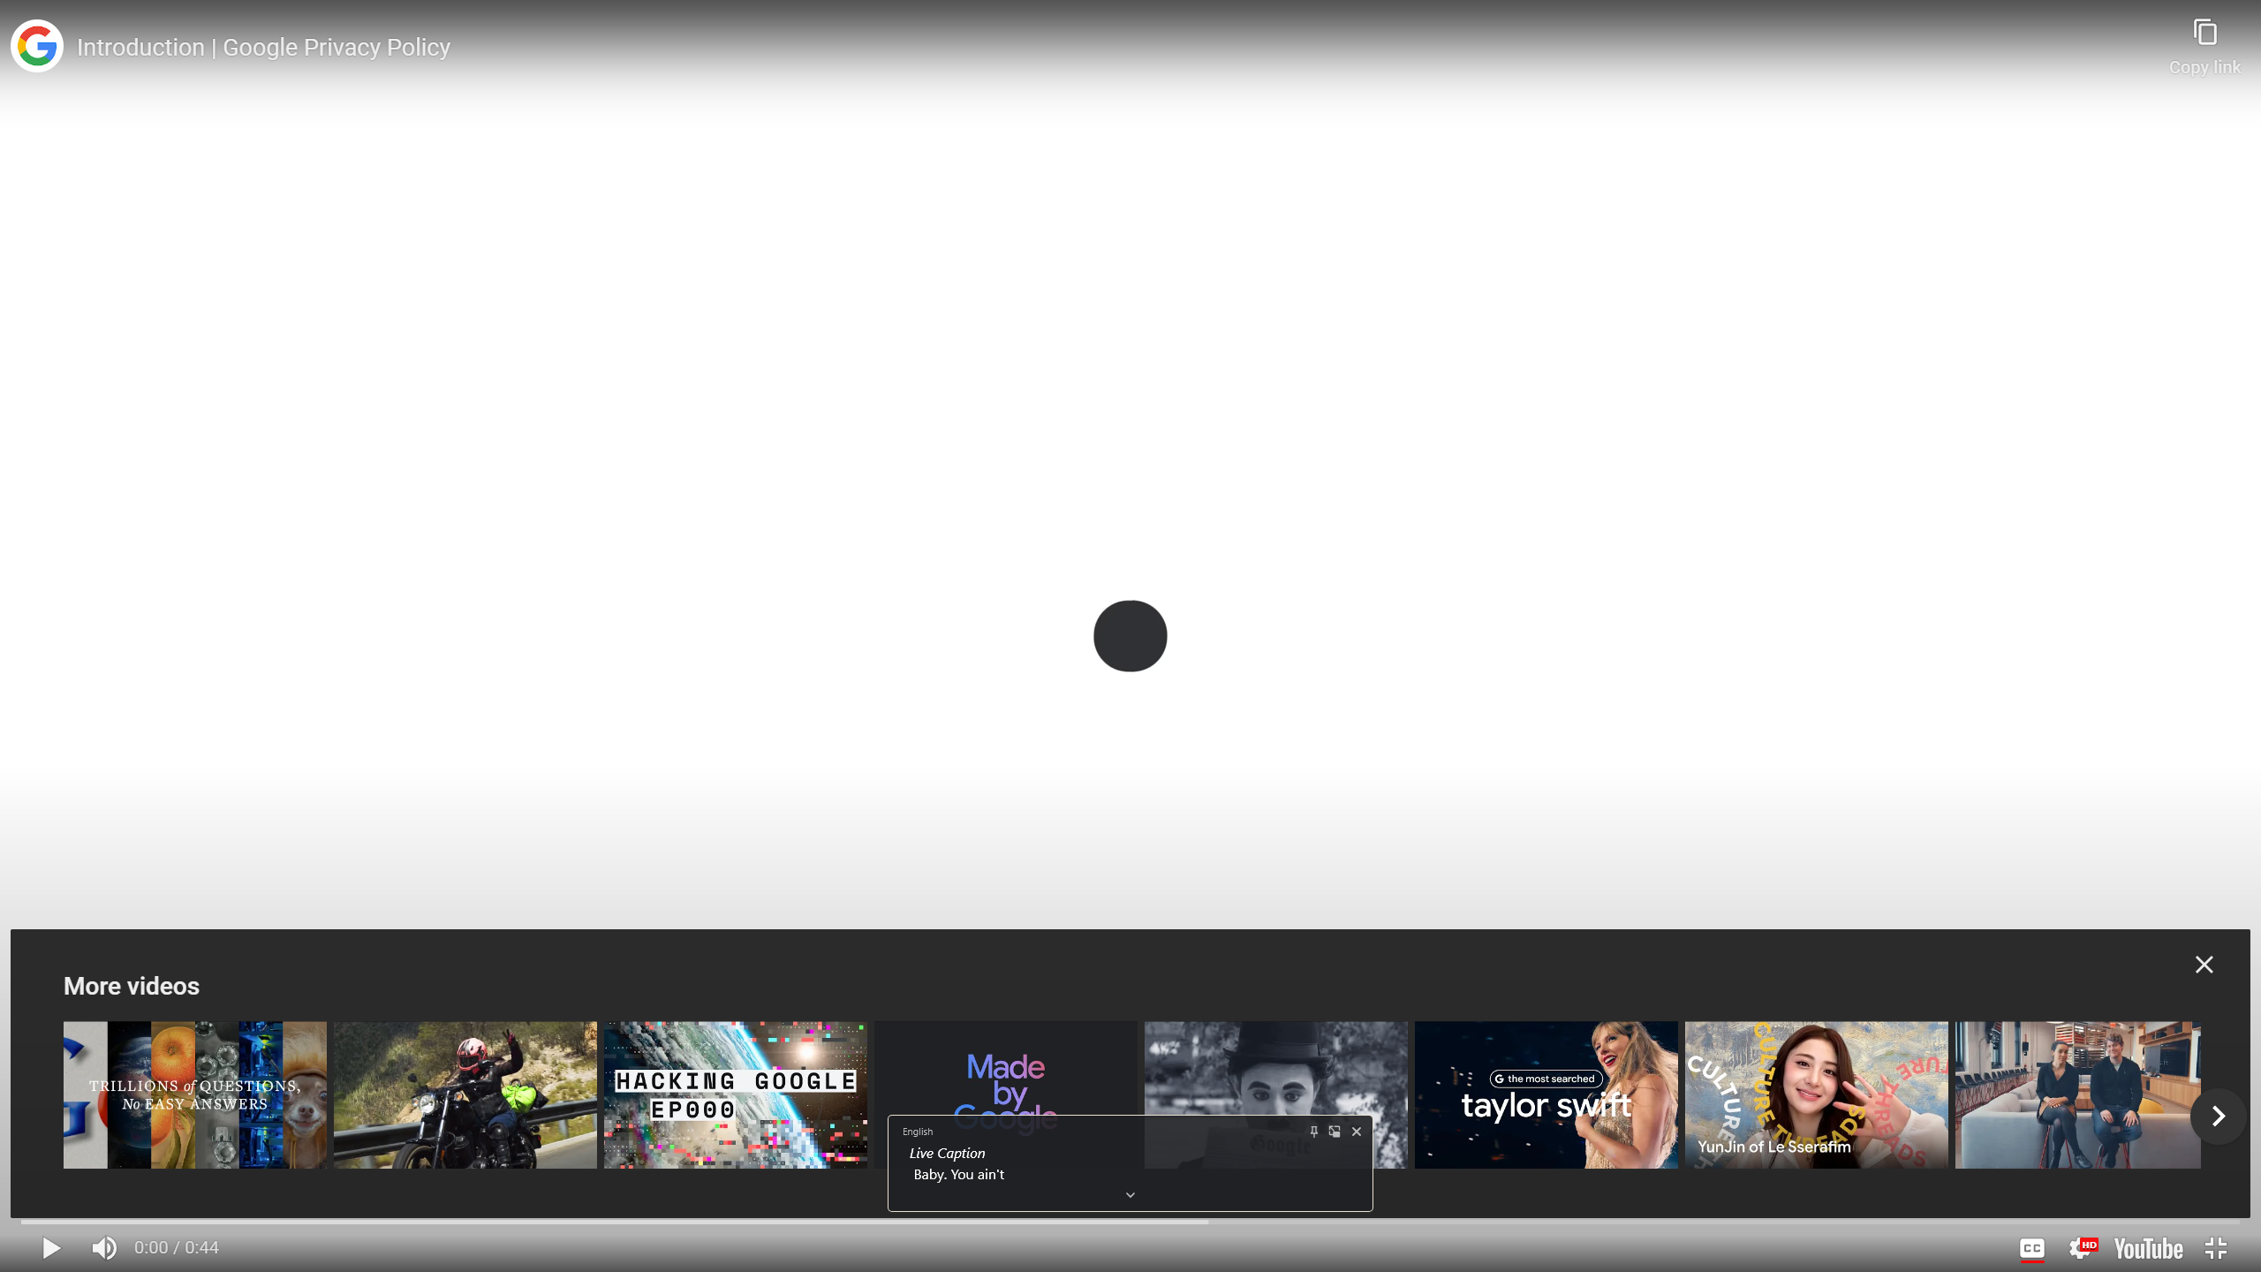  What do you see at coordinates (104, 1247) in the screenshot?
I see `'Mute (m)'` at bounding box center [104, 1247].